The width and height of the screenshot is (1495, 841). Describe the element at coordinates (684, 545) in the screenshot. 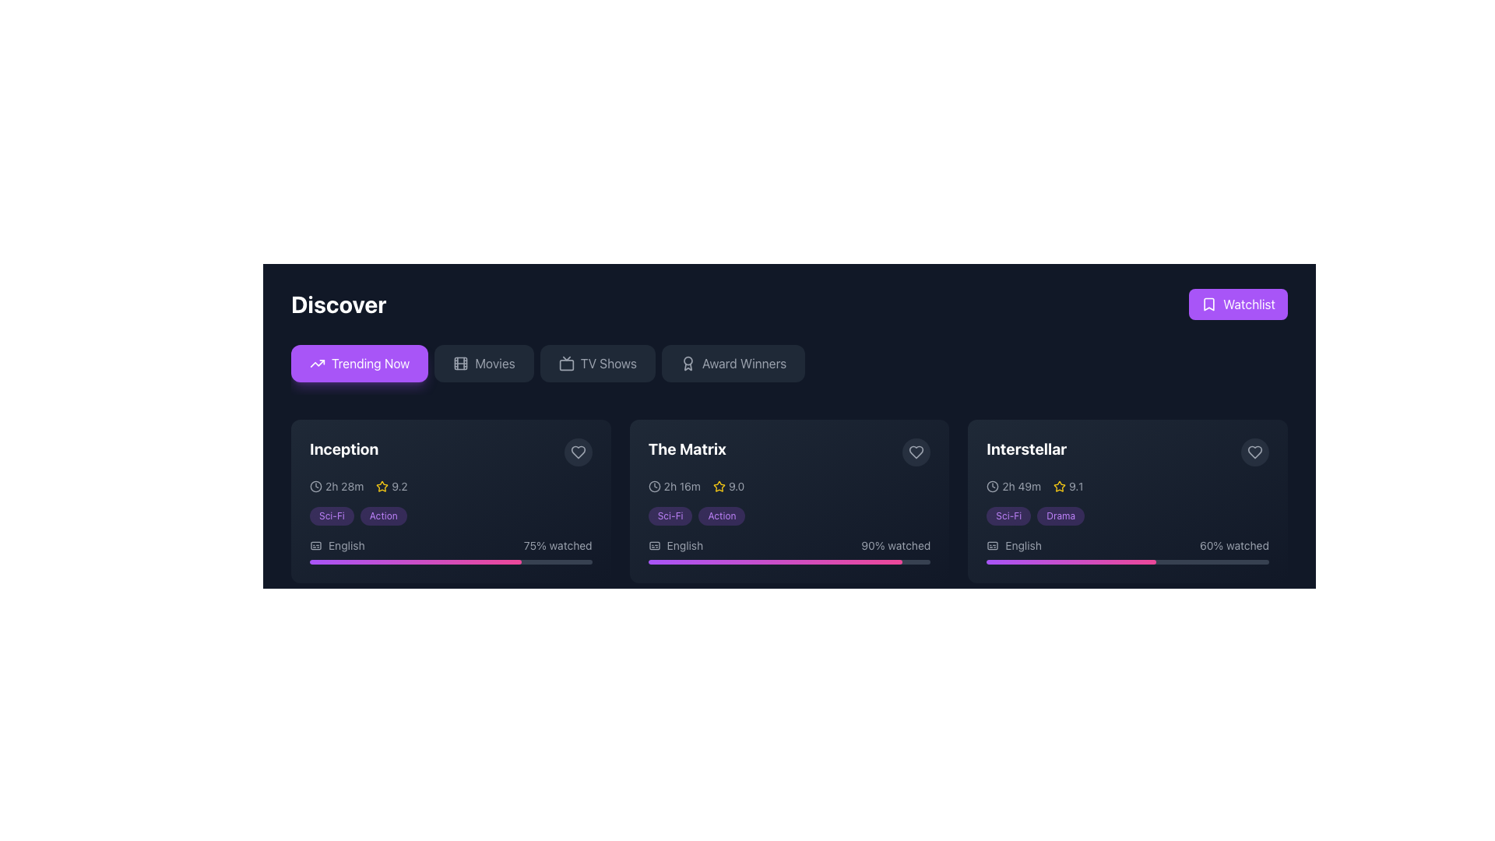

I see `the static text label displaying 'English', which is styled in a legible, sans-serif font and positioned next to a small icon resembling a subtitle or caption symbol, located in the bottom-left portion of the second card titled 'The Matrix'` at that location.